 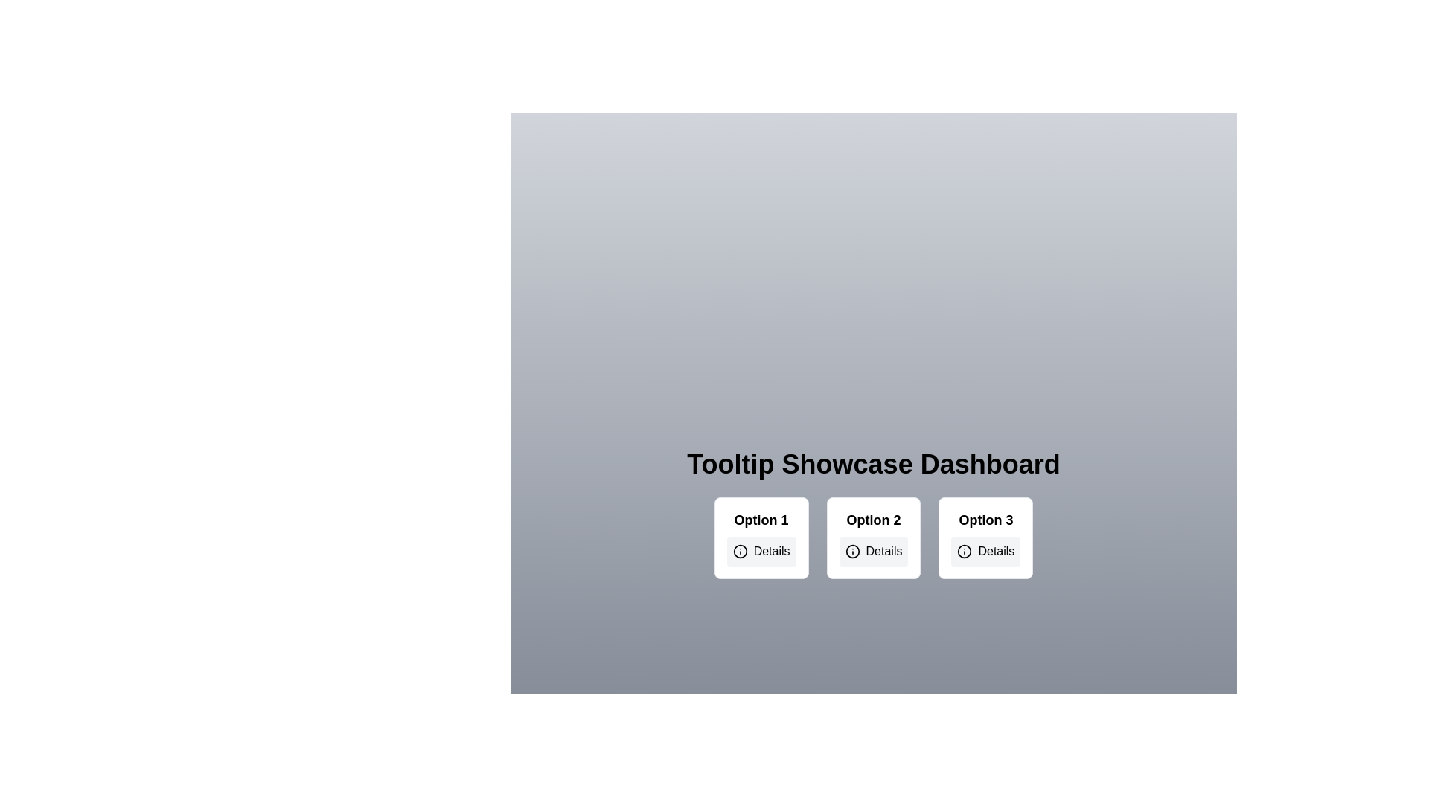 I want to click on the text label displaying 'Details' in bold black font, located in the second block under 'Option 2' to the right of the information icon, so click(x=884, y=551).